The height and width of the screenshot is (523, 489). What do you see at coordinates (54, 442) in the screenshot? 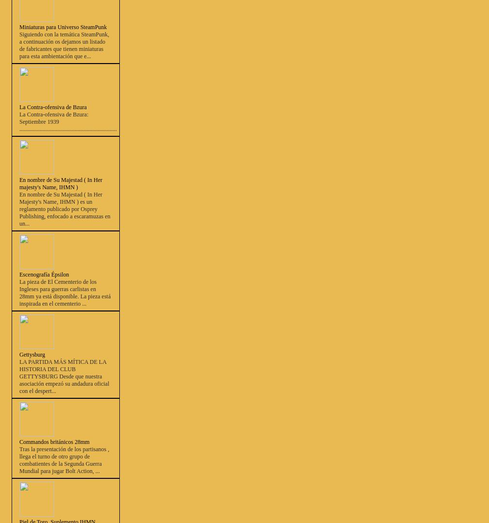
I see `'Commandos británicos 28mm'` at bounding box center [54, 442].